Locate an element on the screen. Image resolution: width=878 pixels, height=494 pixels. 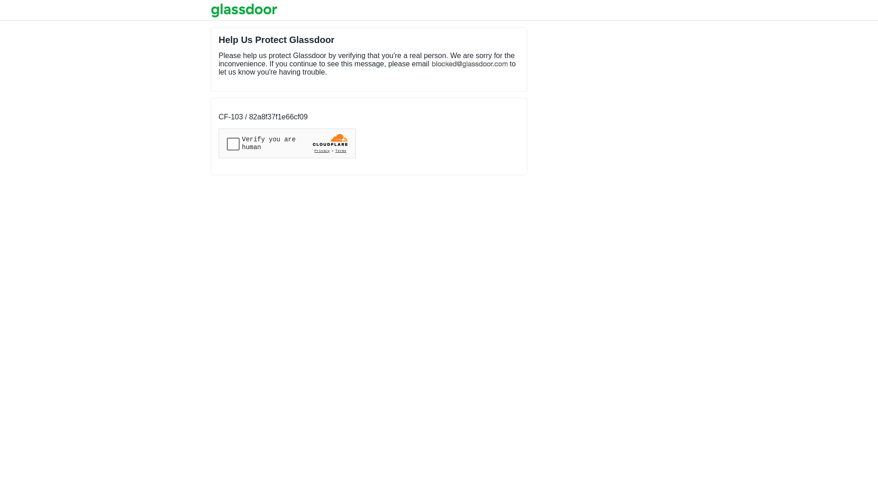
'Widget containing a Cloudflare security challenge' is located at coordinates (287, 143).